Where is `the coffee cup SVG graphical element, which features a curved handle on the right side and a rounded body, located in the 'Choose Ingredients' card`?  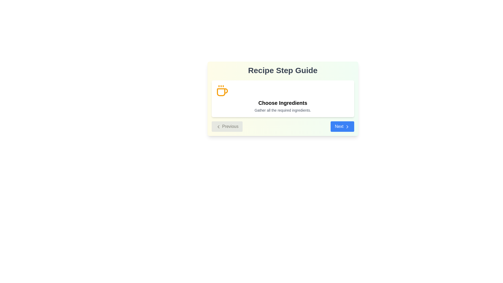 the coffee cup SVG graphical element, which features a curved handle on the right side and a rounded body, located in the 'Choose Ingredients' card is located at coordinates (222, 92).